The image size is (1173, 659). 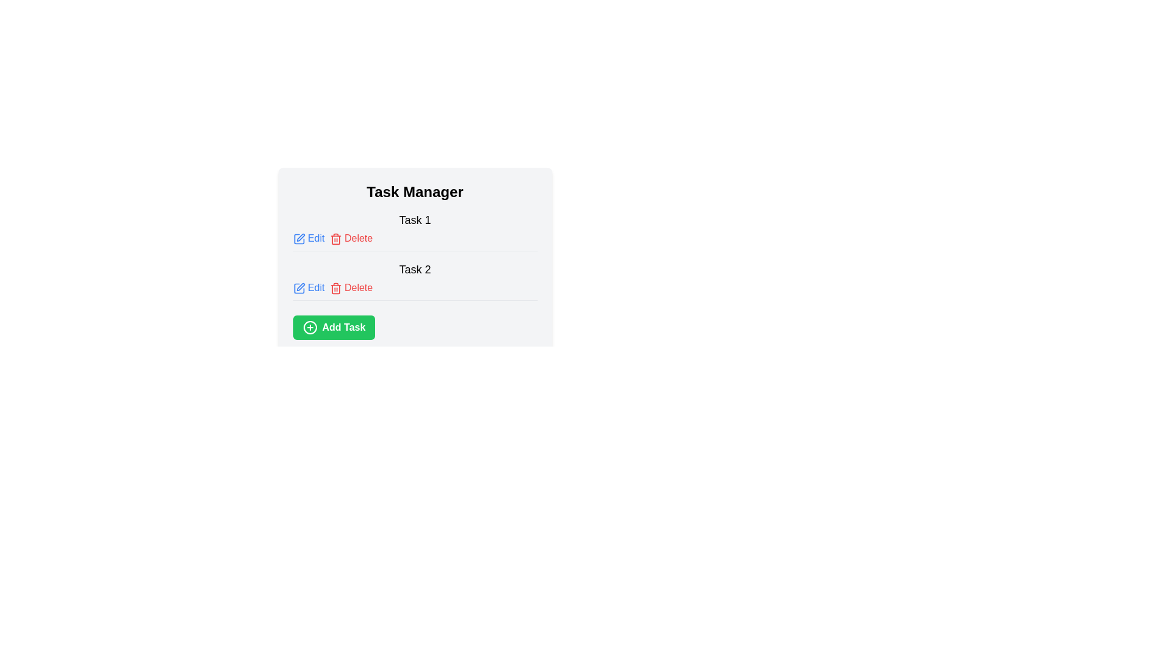 What do you see at coordinates (310, 326) in the screenshot?
I see `the central circular graphic element of the 'Add Task' button, which is part of an SVG icon including a plus sign on a green background` at bounding box center [310, 326].